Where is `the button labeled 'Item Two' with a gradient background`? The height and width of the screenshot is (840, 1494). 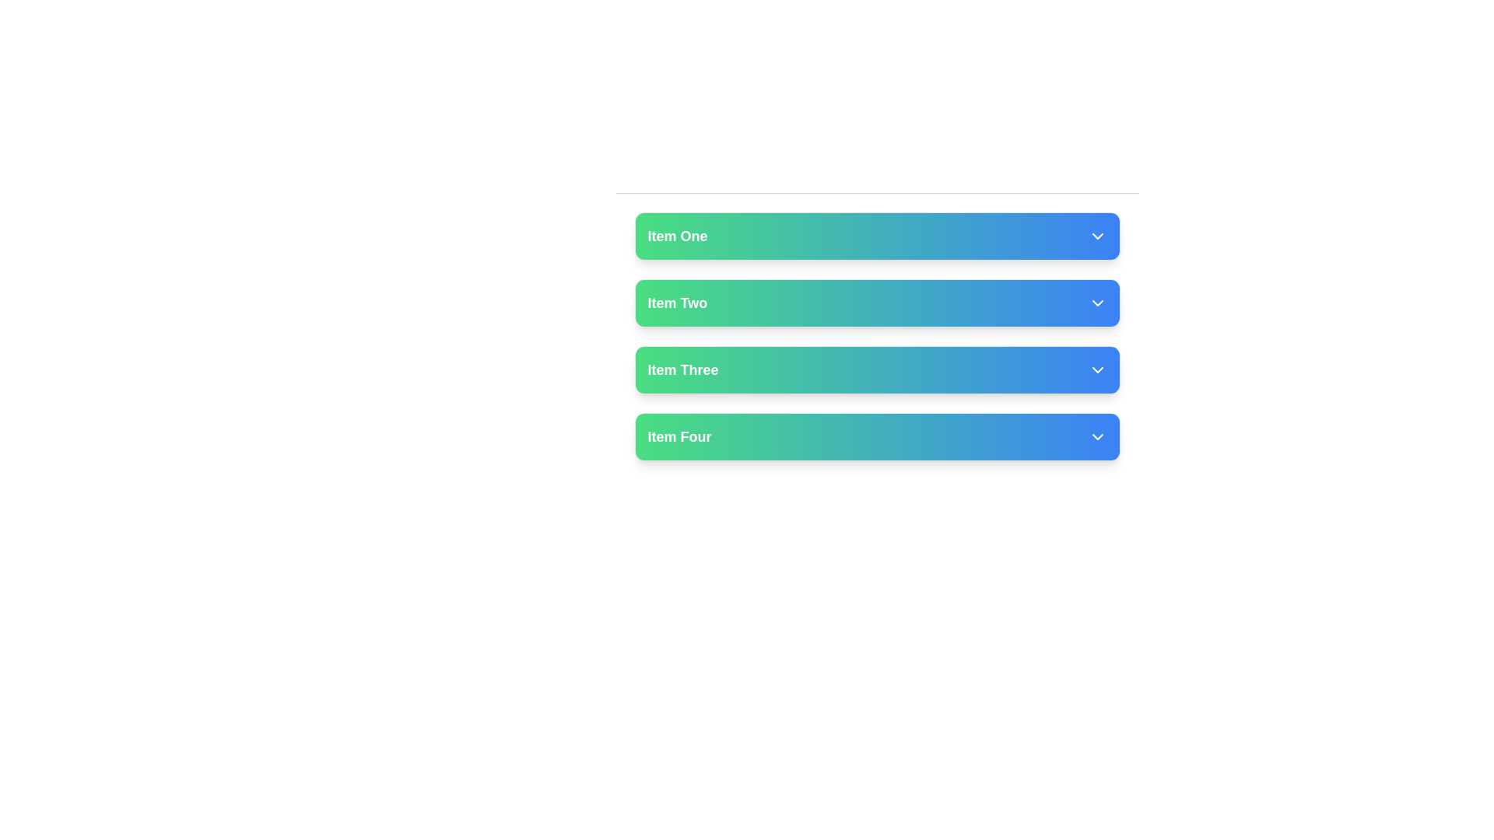
the button labeled 'Item Two' with a gradient background is located at coordinates (877, 303).